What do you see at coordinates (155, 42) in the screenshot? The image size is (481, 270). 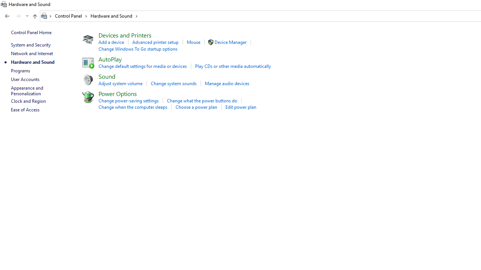 I see `'Advanced printer setup'` at bounding box center [155, 42].